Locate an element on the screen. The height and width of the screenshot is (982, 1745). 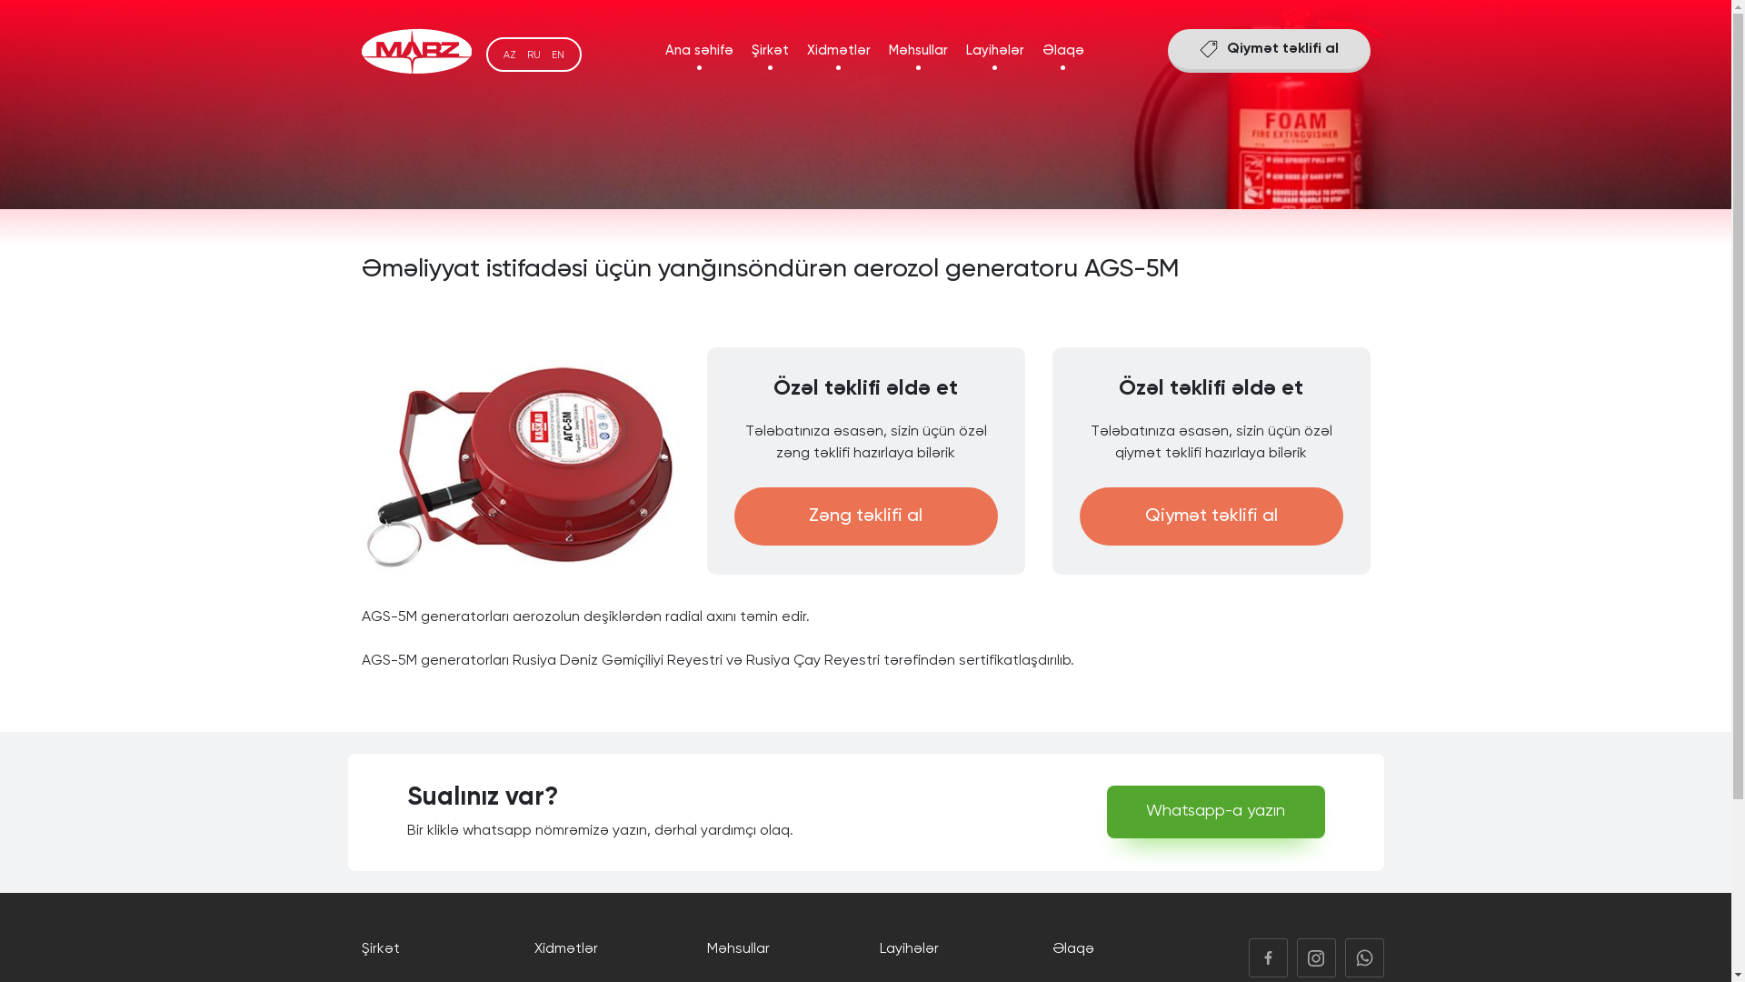
'RU' is located at coordinates (526, 54).